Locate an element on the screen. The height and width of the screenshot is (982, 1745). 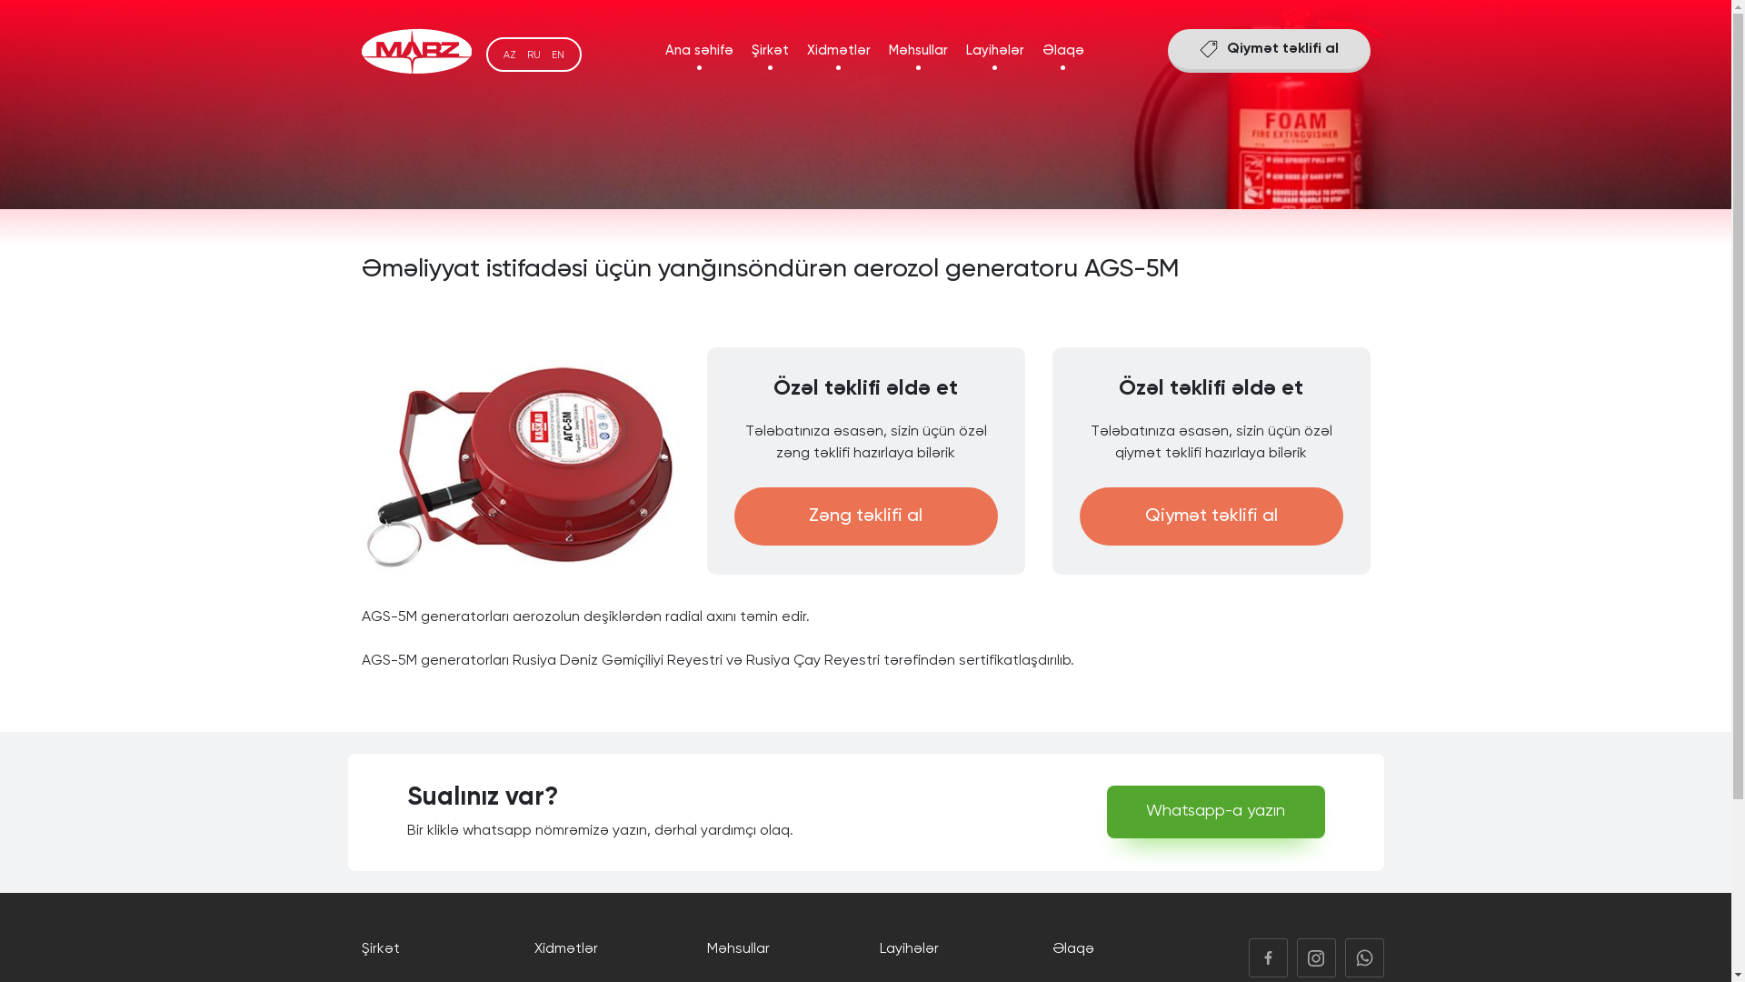
'RU' is located at coordinates (526, 54).